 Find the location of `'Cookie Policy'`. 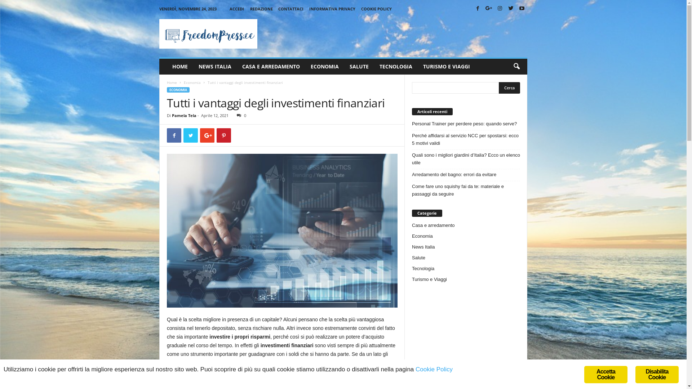

'Cookie Policy' is located at coordinates (434, 369).